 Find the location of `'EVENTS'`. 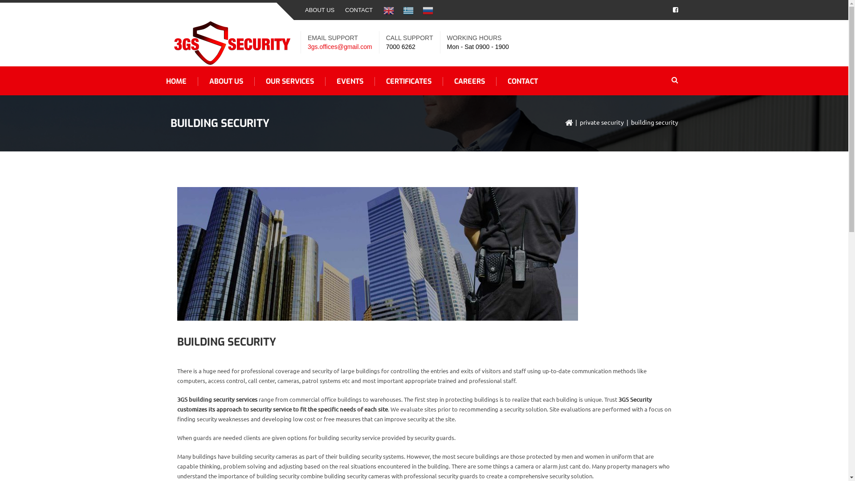

'EVENTS' is located at coordinates (349, 81).